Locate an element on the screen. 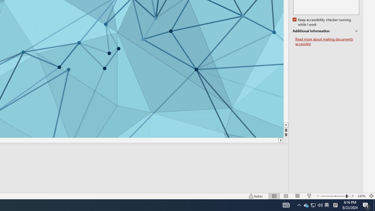  'Zoom 340%' is located at coordinates (361, 196).